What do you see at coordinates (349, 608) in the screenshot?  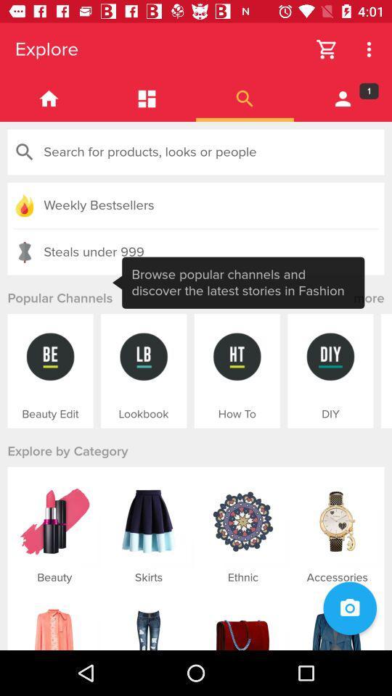 I see `open camera` at bounding box center [349, 608].